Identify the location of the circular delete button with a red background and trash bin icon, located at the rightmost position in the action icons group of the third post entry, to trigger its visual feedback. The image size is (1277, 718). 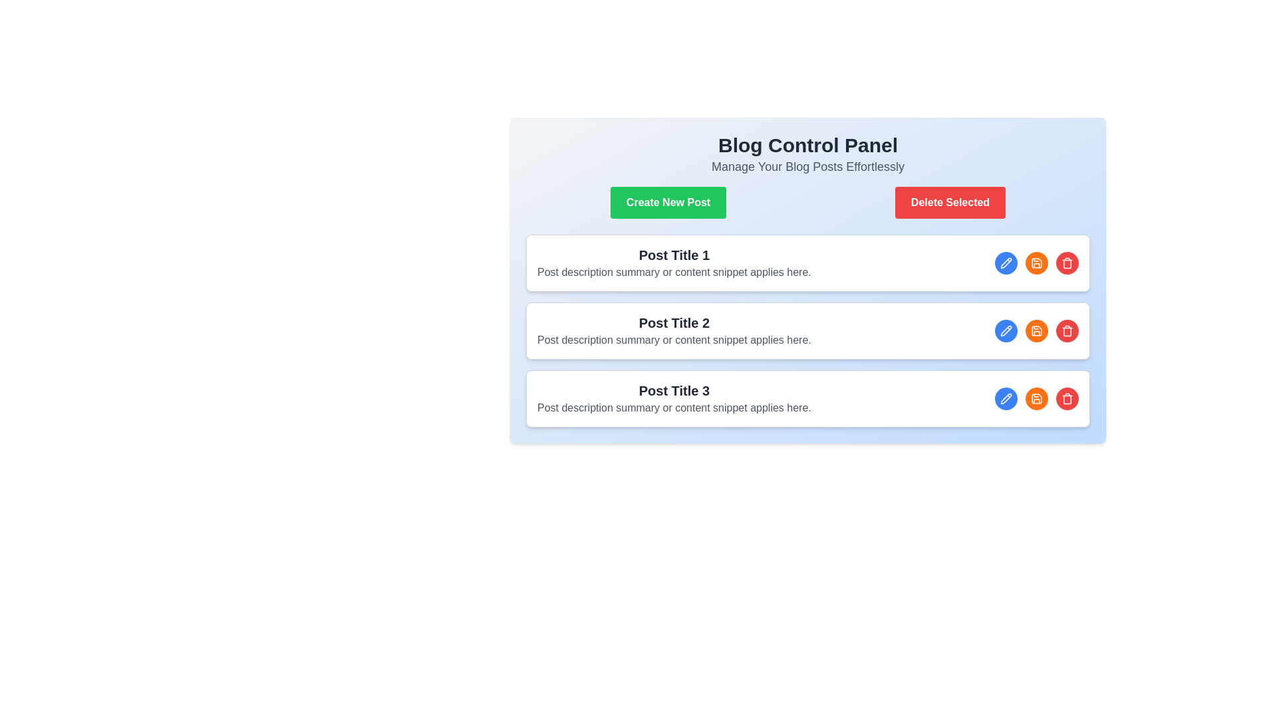
(1067, 398).